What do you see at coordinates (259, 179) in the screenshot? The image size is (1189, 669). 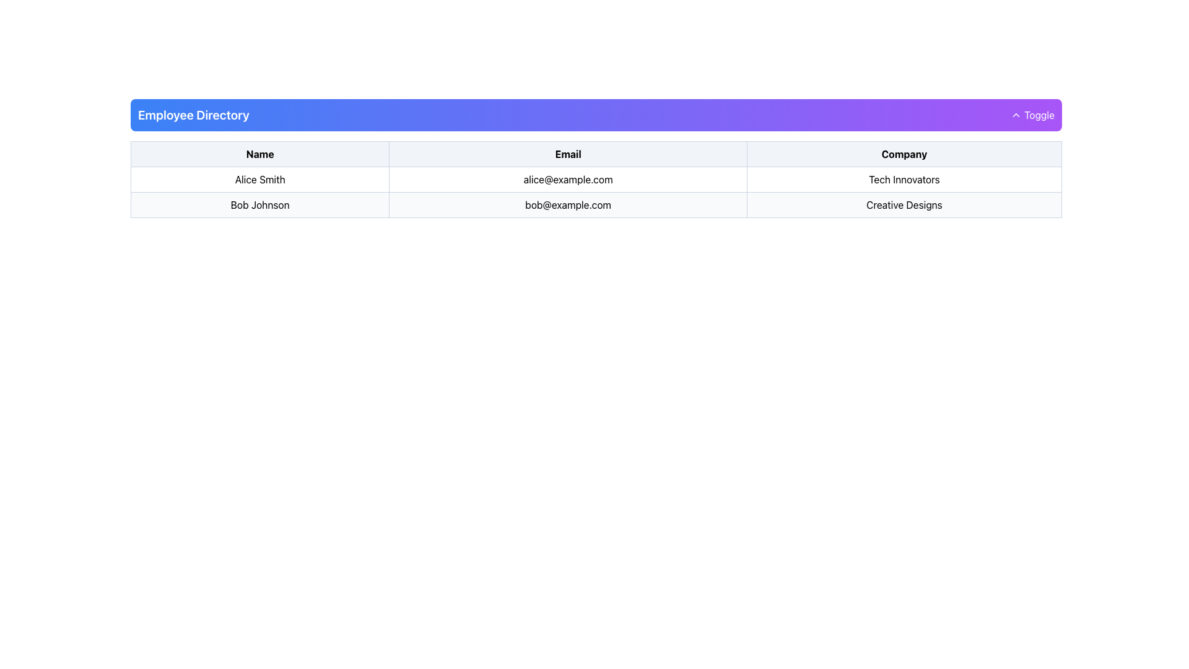 I see `text element displaying 'Alice Smith', which is styled with a border and located in the first row of the 'Name' column in the table` at bounding box center [259, 179].